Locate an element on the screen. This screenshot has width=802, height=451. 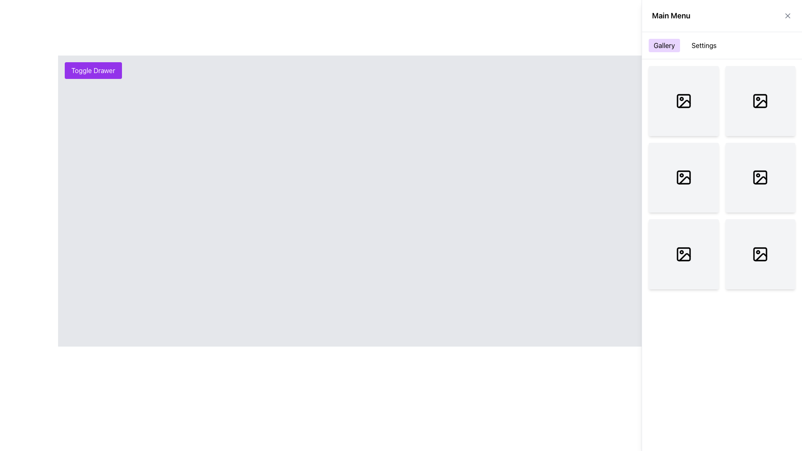
graphical details of the graphical shape within the fourth icon in the gallery grid, located in the second row and second column of the 'Gallery' tab in the right-hand panel is located at coordinates (760, 177).